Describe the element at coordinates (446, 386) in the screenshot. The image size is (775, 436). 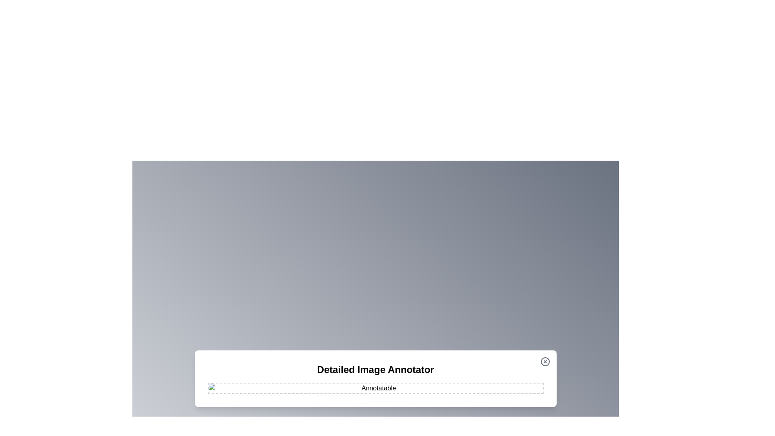
I see `the image at coordinates (1106, 958) to add an annotation` at that location.